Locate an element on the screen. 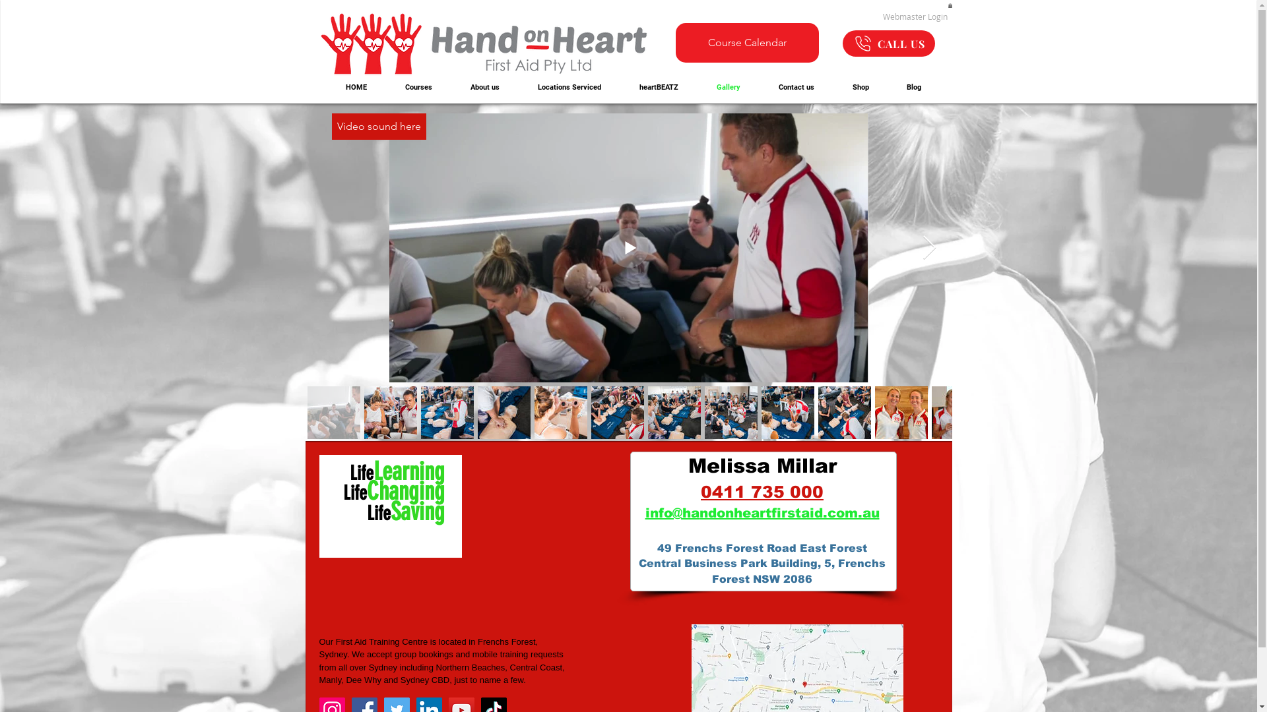  'Contact us' is located at coordinates (795, 87).